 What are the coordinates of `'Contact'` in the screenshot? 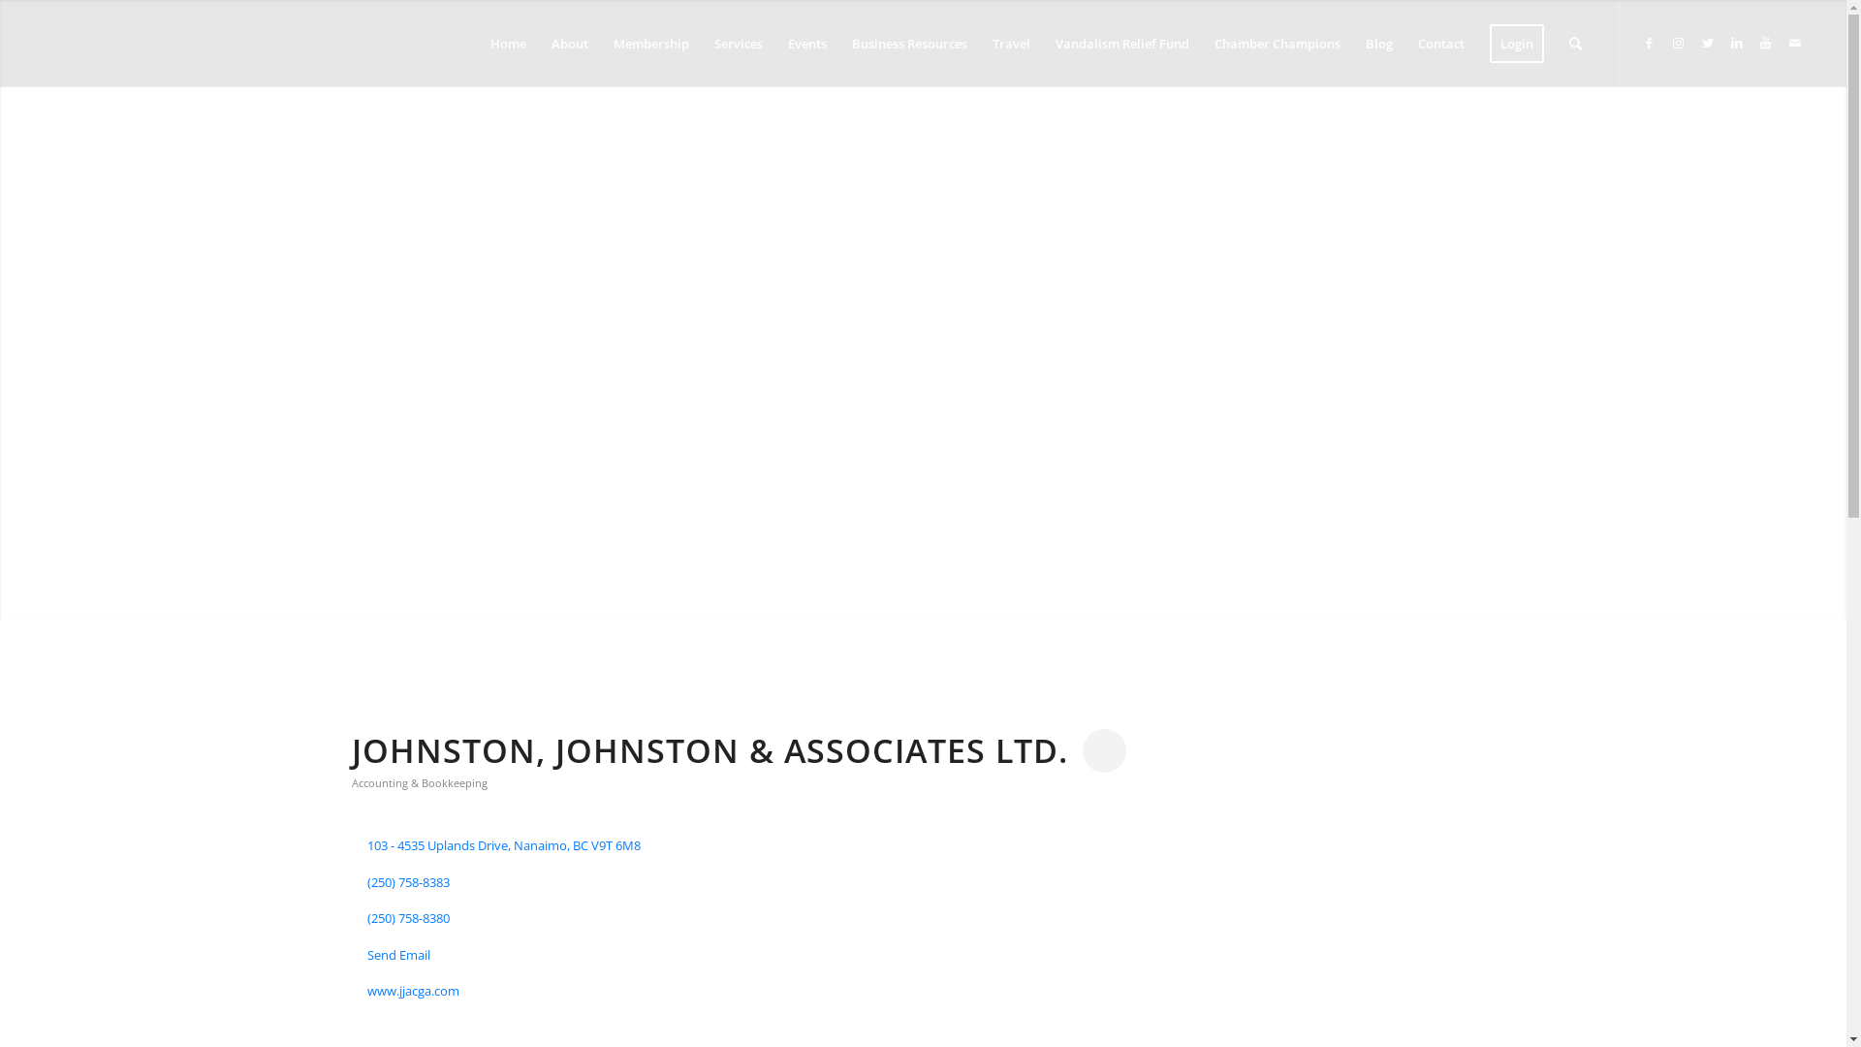 It's located at (1441, 44).